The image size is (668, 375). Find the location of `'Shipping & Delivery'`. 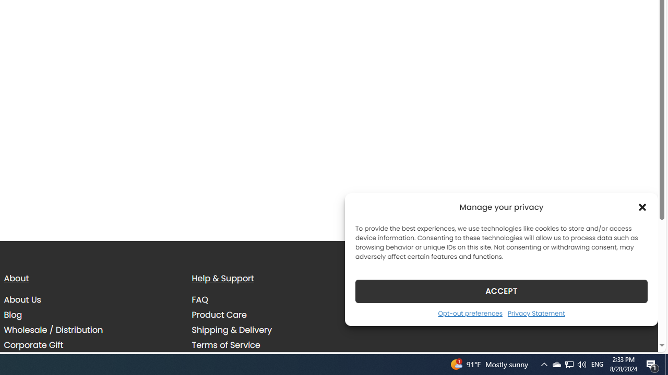

'Shipping & Delivery' is located at coordinates (231, 330).